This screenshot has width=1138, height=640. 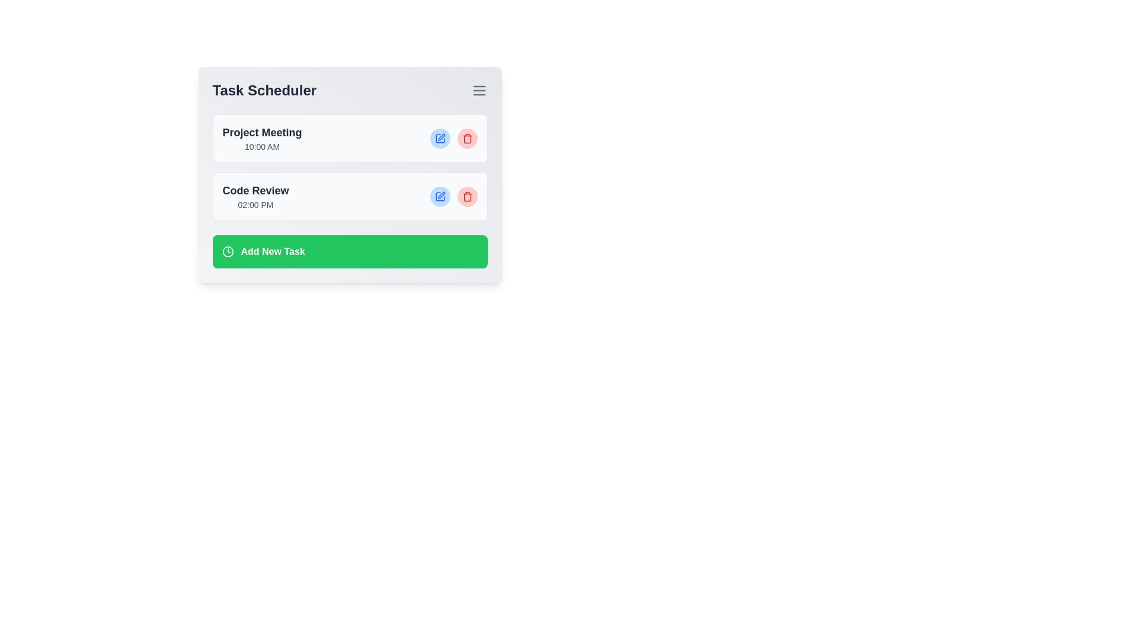 What do you see at coordinates (440, 194) in the screenshot?
I see `the edit icon for the 'Code Review' task entry, which is the first icon in the icon group on the left side of the task scheduler UI` at bounding box center [440, 194].